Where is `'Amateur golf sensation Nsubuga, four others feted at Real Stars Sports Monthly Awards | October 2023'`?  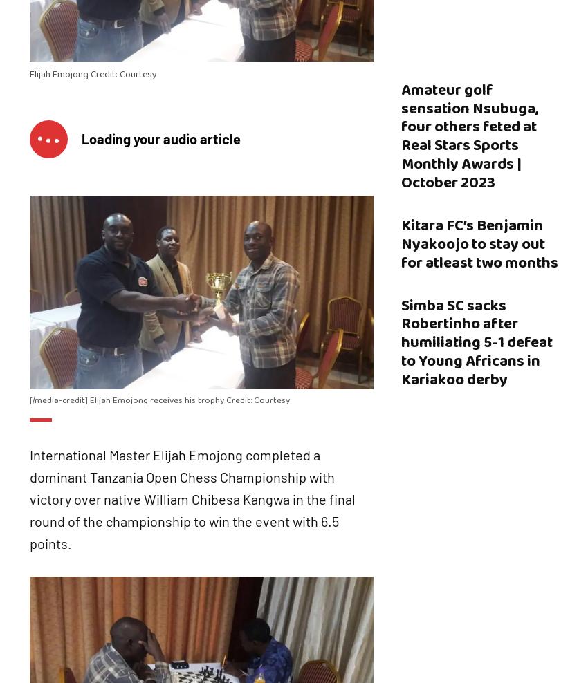
'Amateur golf sensation Nsubuga, four others feted at Real Stars Sports Monthly Awards | October 2023' is located at coordinates (469, 136).